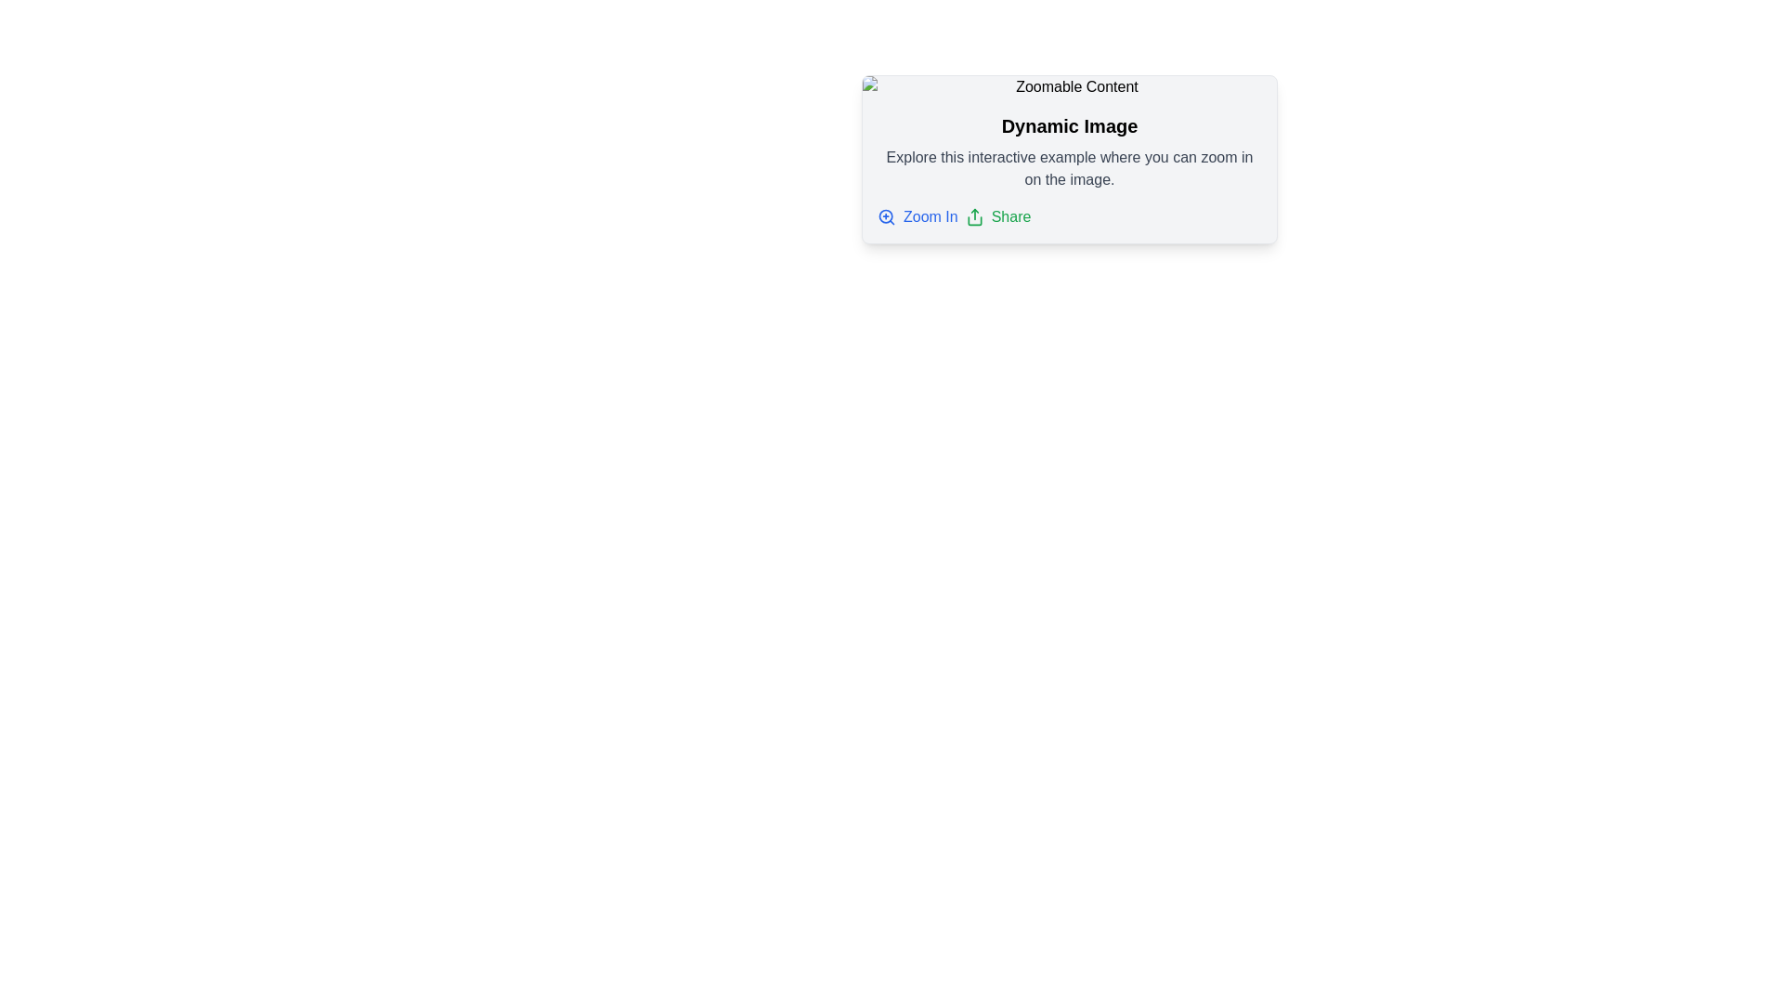  What do you see at coordinates (885, 215) in the screenshot?
I see `the outermost circle of the magnifying glass icon, which is an SVG circle element representing the lens portion and suggests a zoom-in functionality` at bounding box center [885, 215].